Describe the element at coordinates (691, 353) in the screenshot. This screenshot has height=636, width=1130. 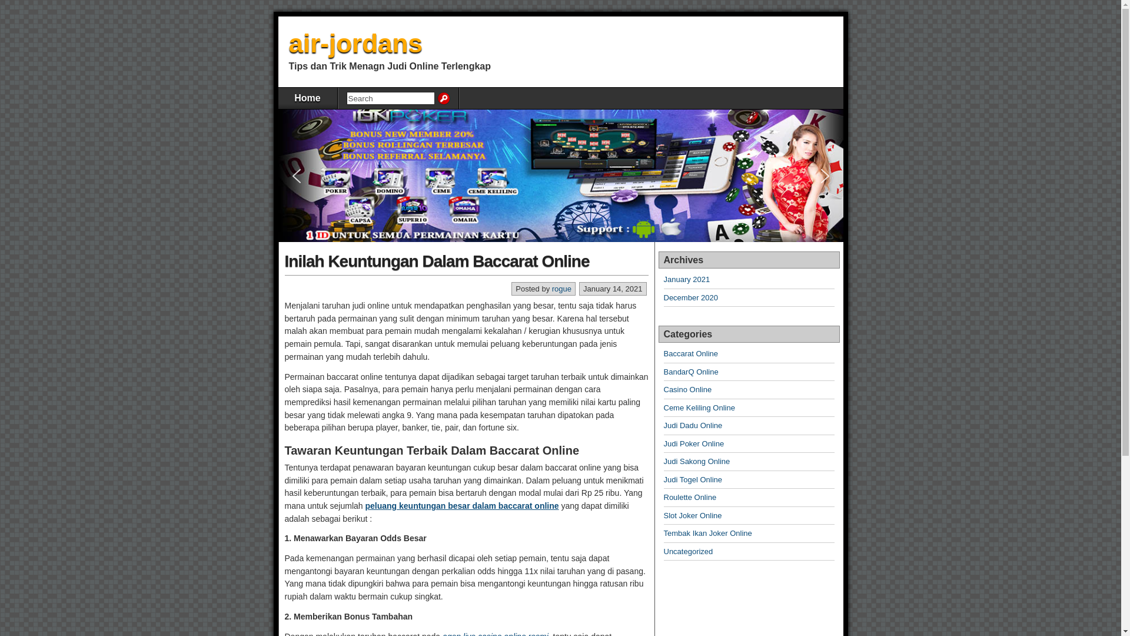
I see `'Baccarat Online'` at that location.